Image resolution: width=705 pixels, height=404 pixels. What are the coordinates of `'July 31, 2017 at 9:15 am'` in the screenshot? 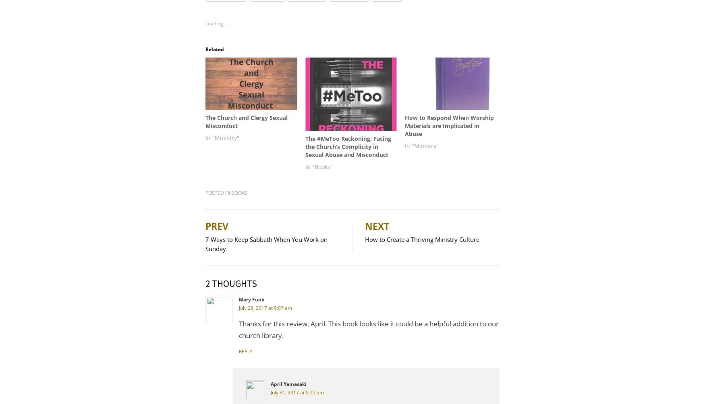 It's located at (297, 392).